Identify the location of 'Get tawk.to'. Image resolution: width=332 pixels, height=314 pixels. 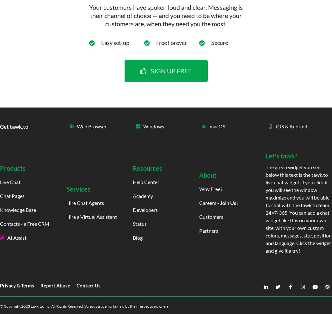
(14, 126).